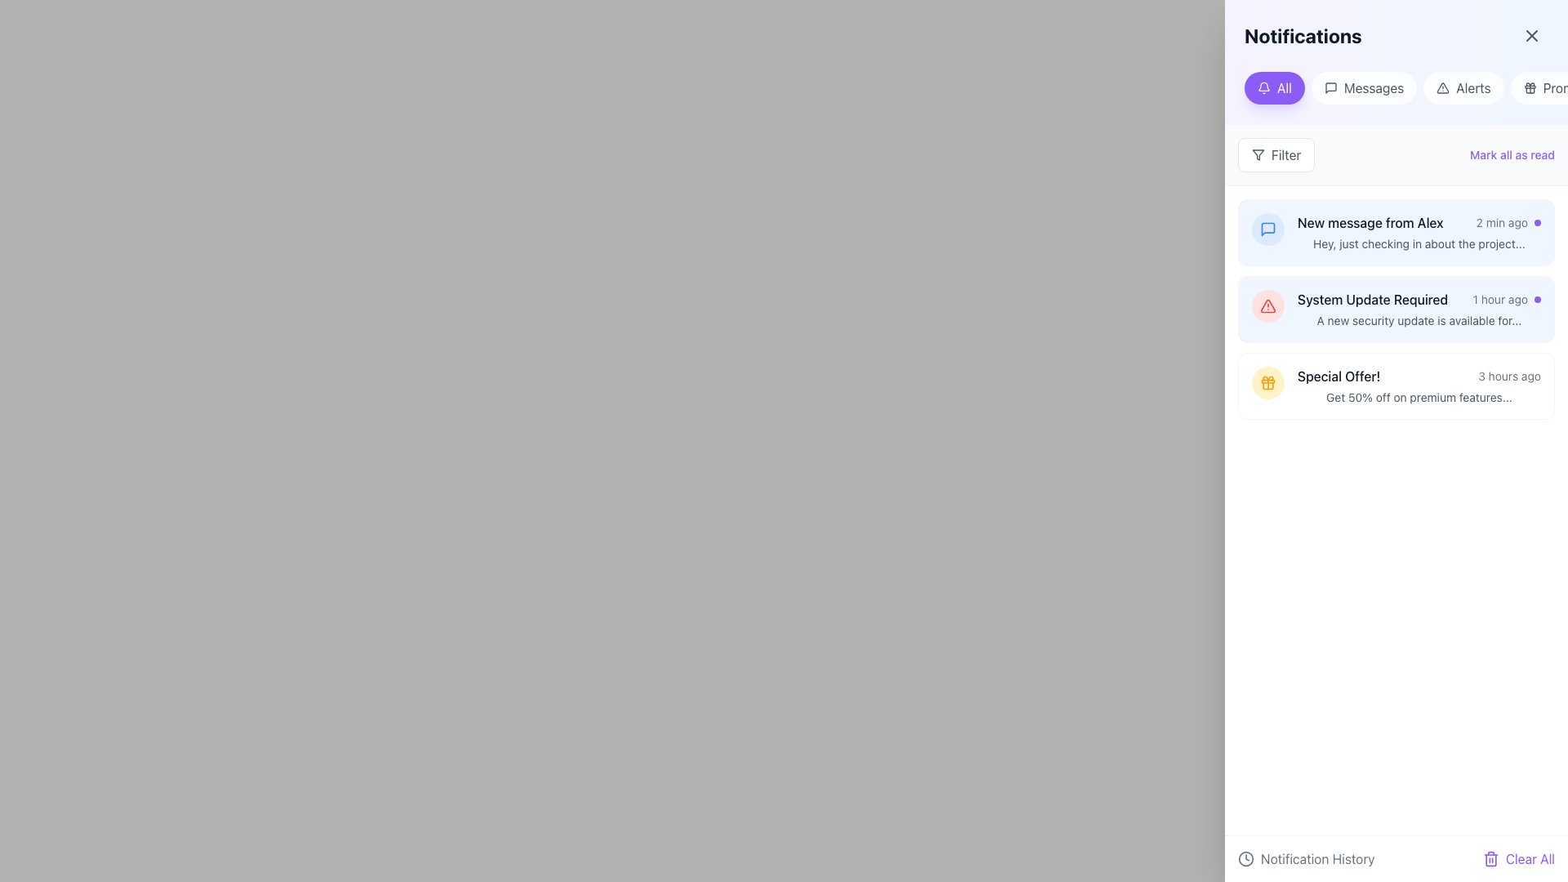  I want to click on the Vertical ellipsis icon that serves as a menu trigger for additional options related to the 'Special Offer' notification, so click(1527, 386).